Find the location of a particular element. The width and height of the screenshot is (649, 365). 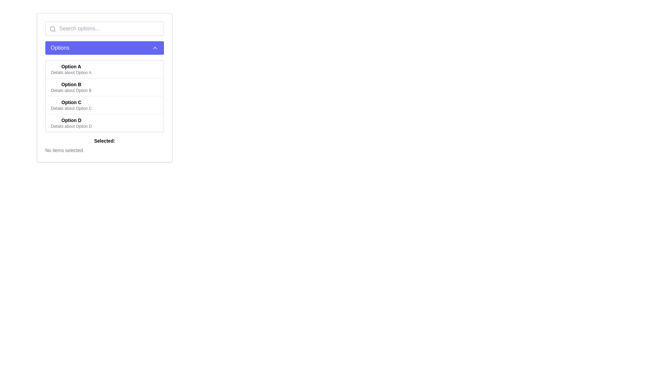

the text label 'Details about Option C', which is styled with small, light gray text and positioned under the bold text 'Option C' is located at coordinates (71, 108).